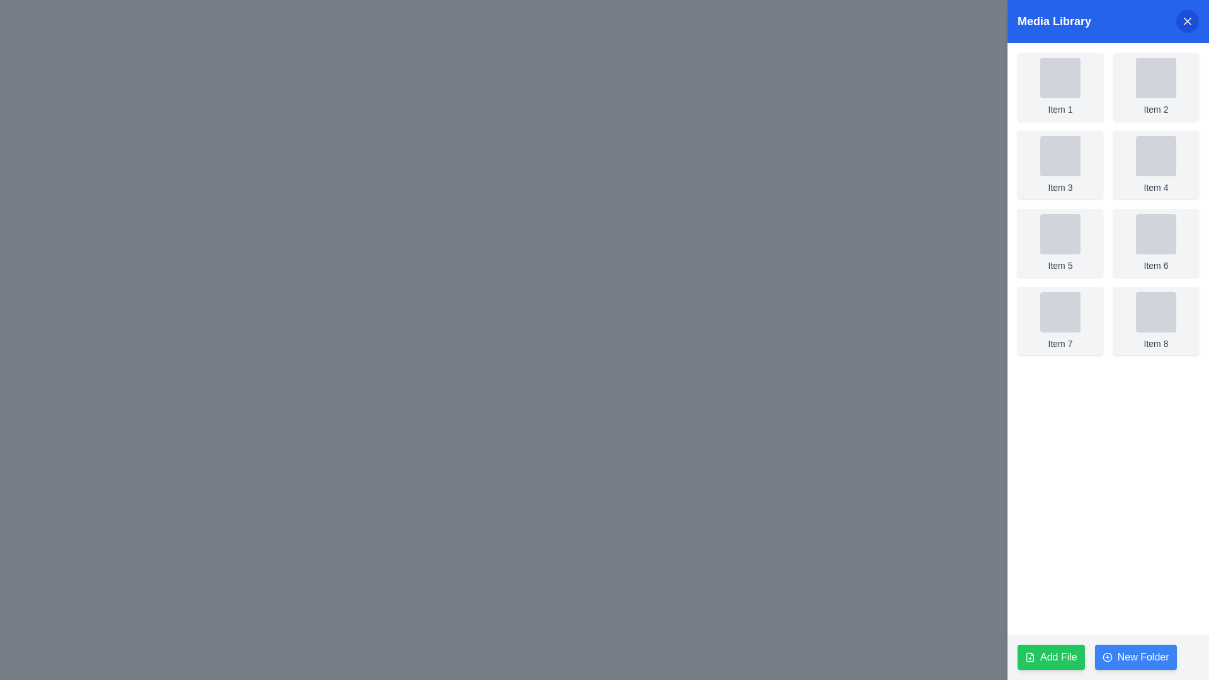 The image size is (1209, 680). What do you see at coordinates (1060, 108) in the screenshot?
I see `displayed text from the small-sized text label element reading 'Item 1', which is styled with gray text and located beneath a square placeholder in the Media Library section` at bounding box center [1060, 108].